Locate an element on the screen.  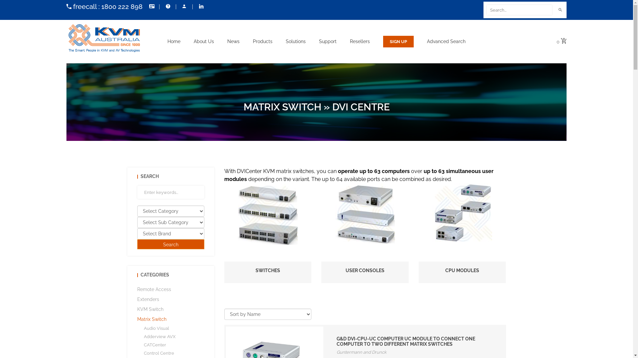
'0' is located at coordinates (561, 42).